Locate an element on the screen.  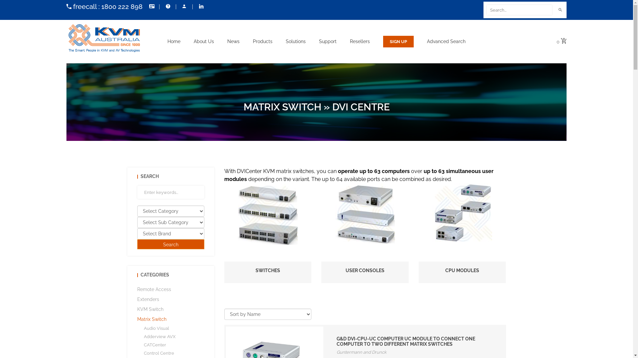
'0' is located at coordinates (561, 42).